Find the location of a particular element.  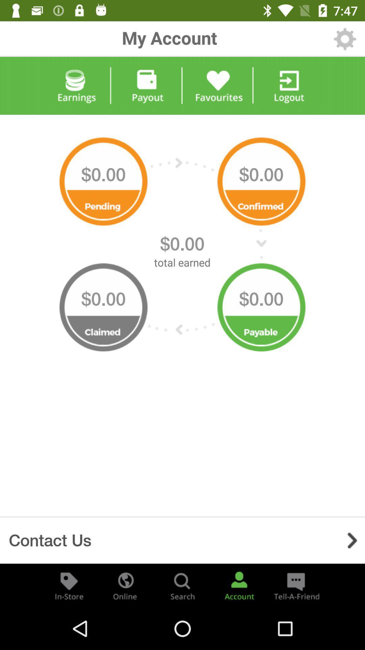

the 1st icon is located at coordinates (103, 179).